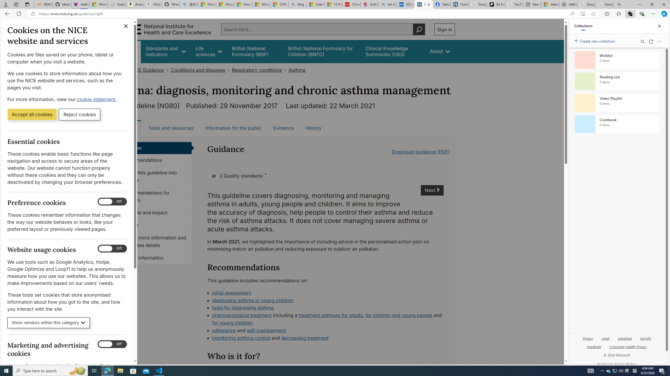 This screenshot has width=670, height=376. Describe the element at coordinates (420, 152) in the screenshot. I see `'Download guidance (PDF)'` at that location.